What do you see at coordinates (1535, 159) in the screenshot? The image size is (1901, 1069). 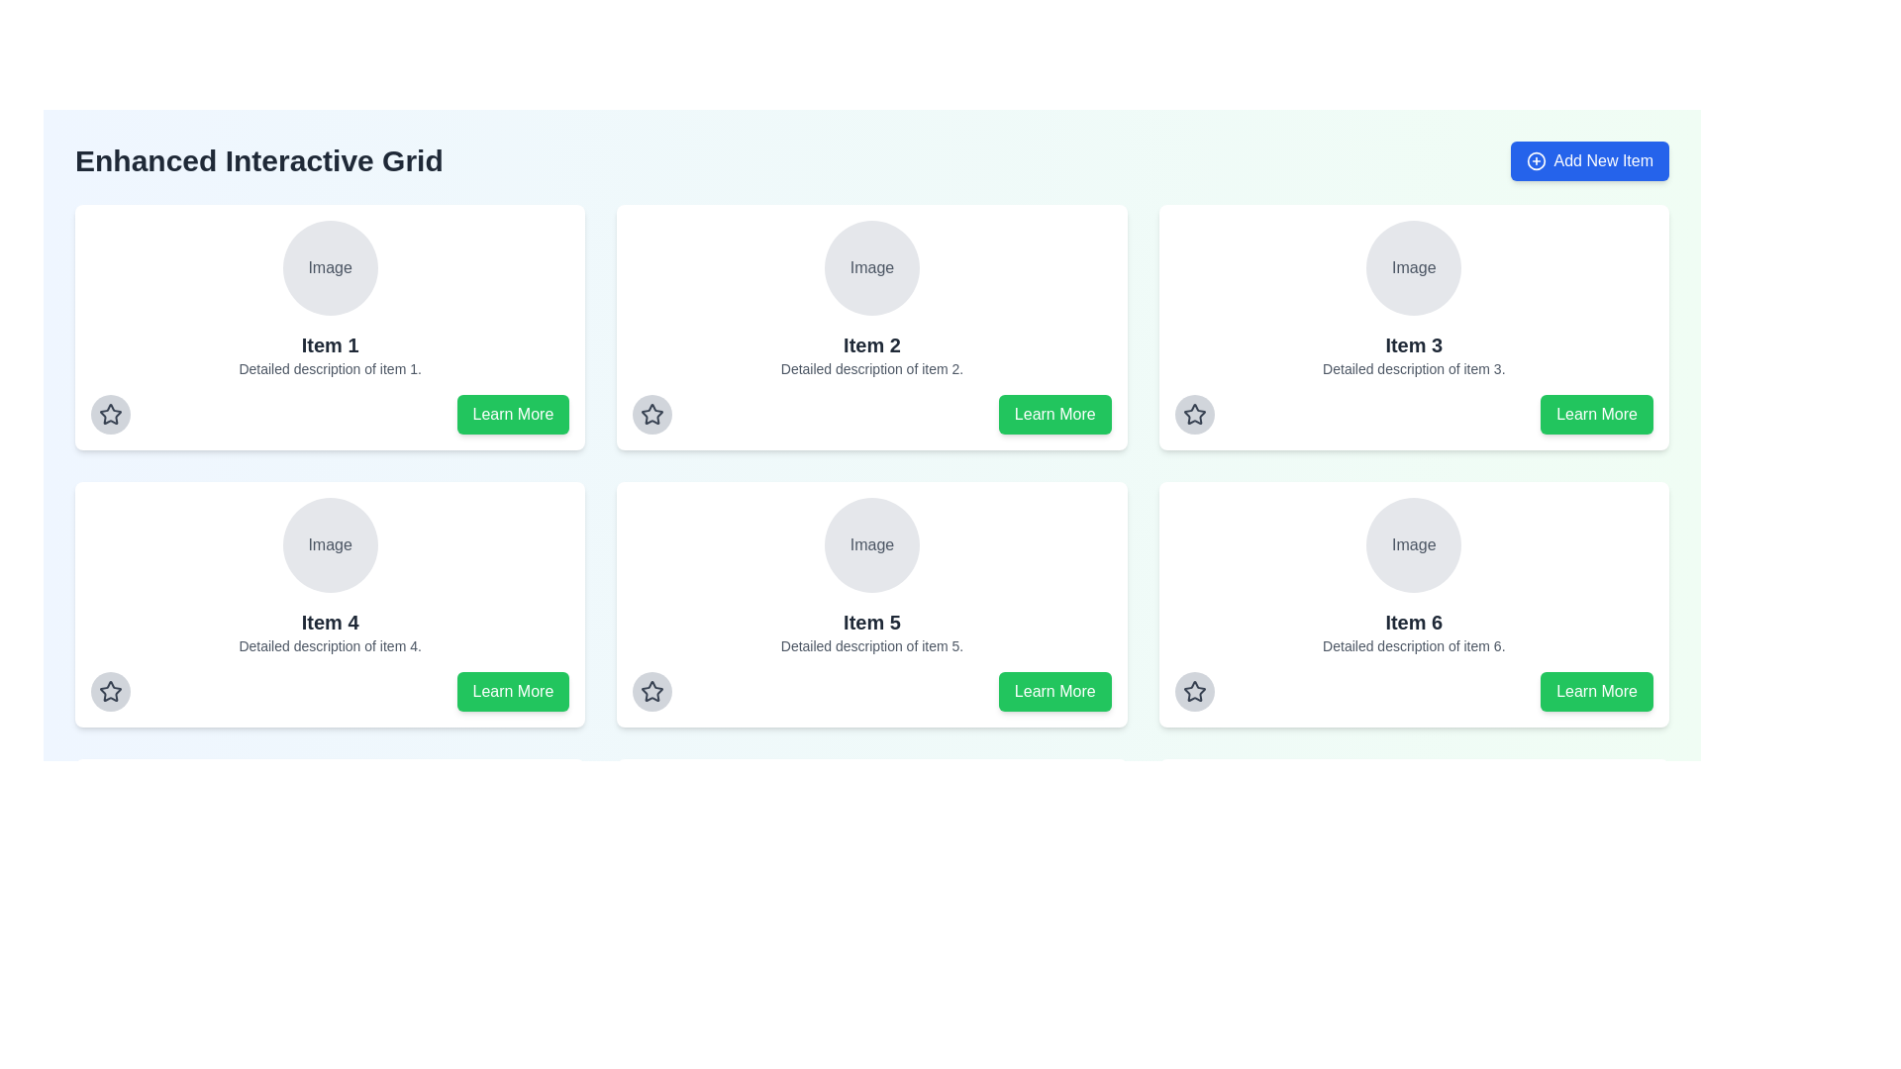 I see `the appearance of the icon within the blue button labeled 'Add New Item', which is located in the top-right corner of the interface` at bounding box center [1535, 159].